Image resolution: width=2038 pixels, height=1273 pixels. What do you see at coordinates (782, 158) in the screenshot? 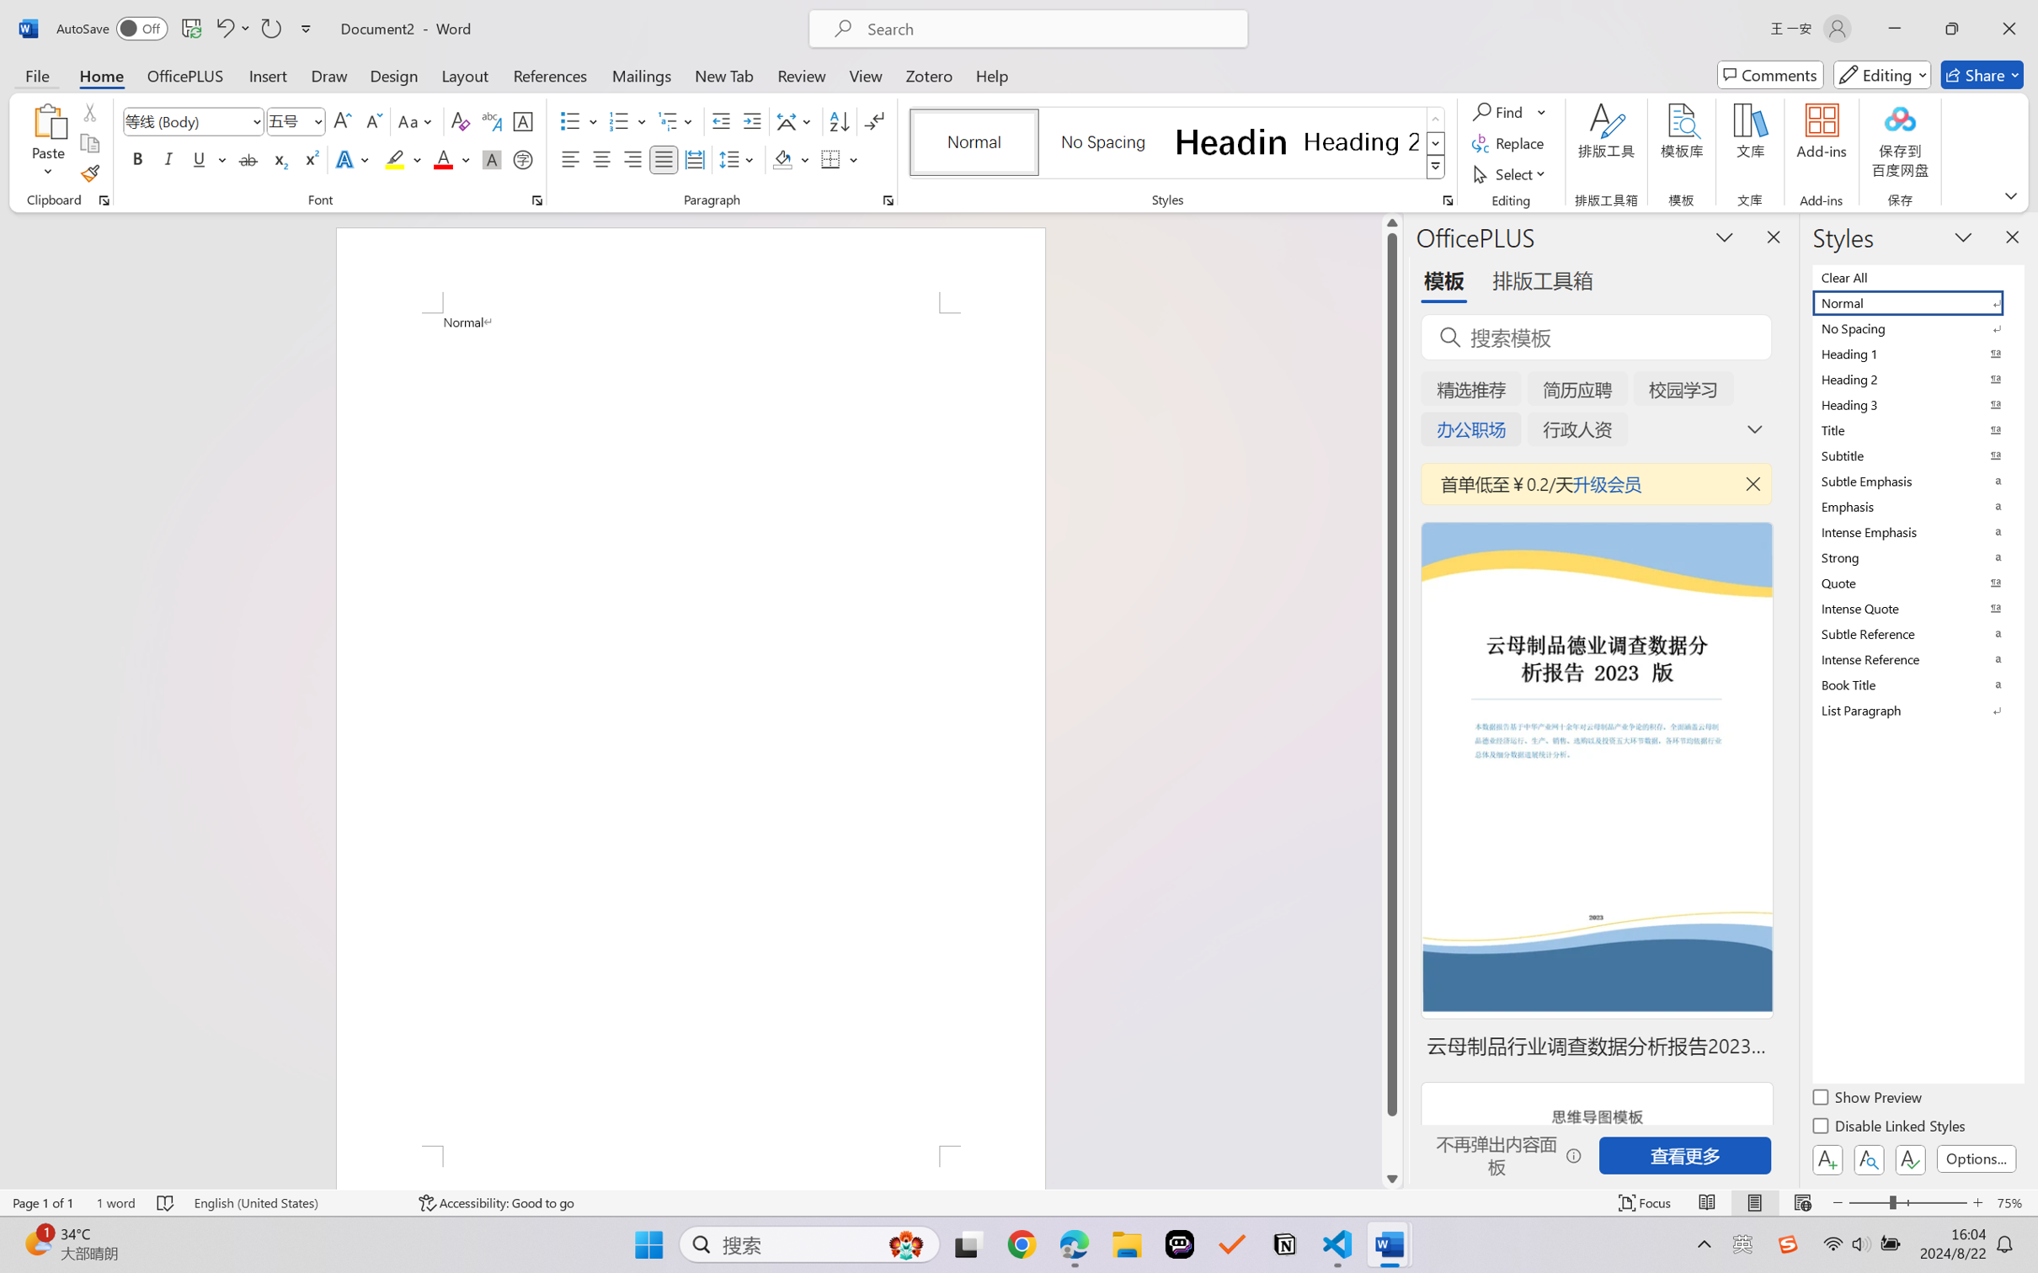
I see `'Shading RGB(0, 0, 0)'` at bounding box center [782, 158].